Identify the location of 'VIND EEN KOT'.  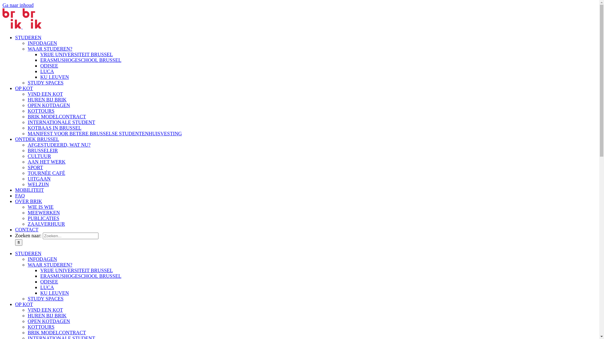
(45, 309).